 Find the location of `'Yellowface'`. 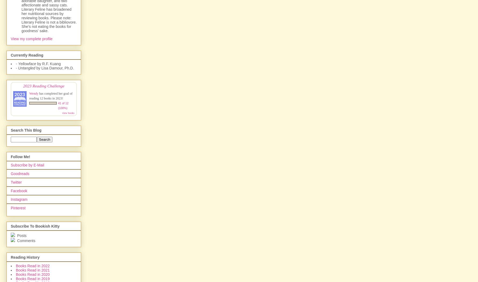

'Yellowface' is located at coordinates (27, 63).